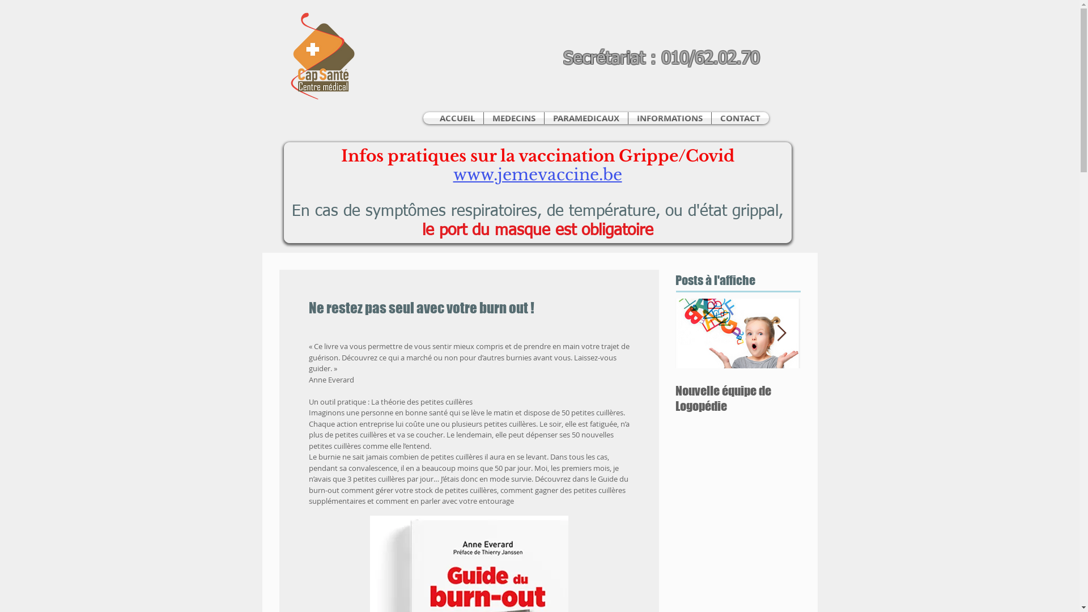 Image resolution: width=1088 pixels, height=612 pixels. I want to click on 'PARAMEDICAUX', so click(585, 118).